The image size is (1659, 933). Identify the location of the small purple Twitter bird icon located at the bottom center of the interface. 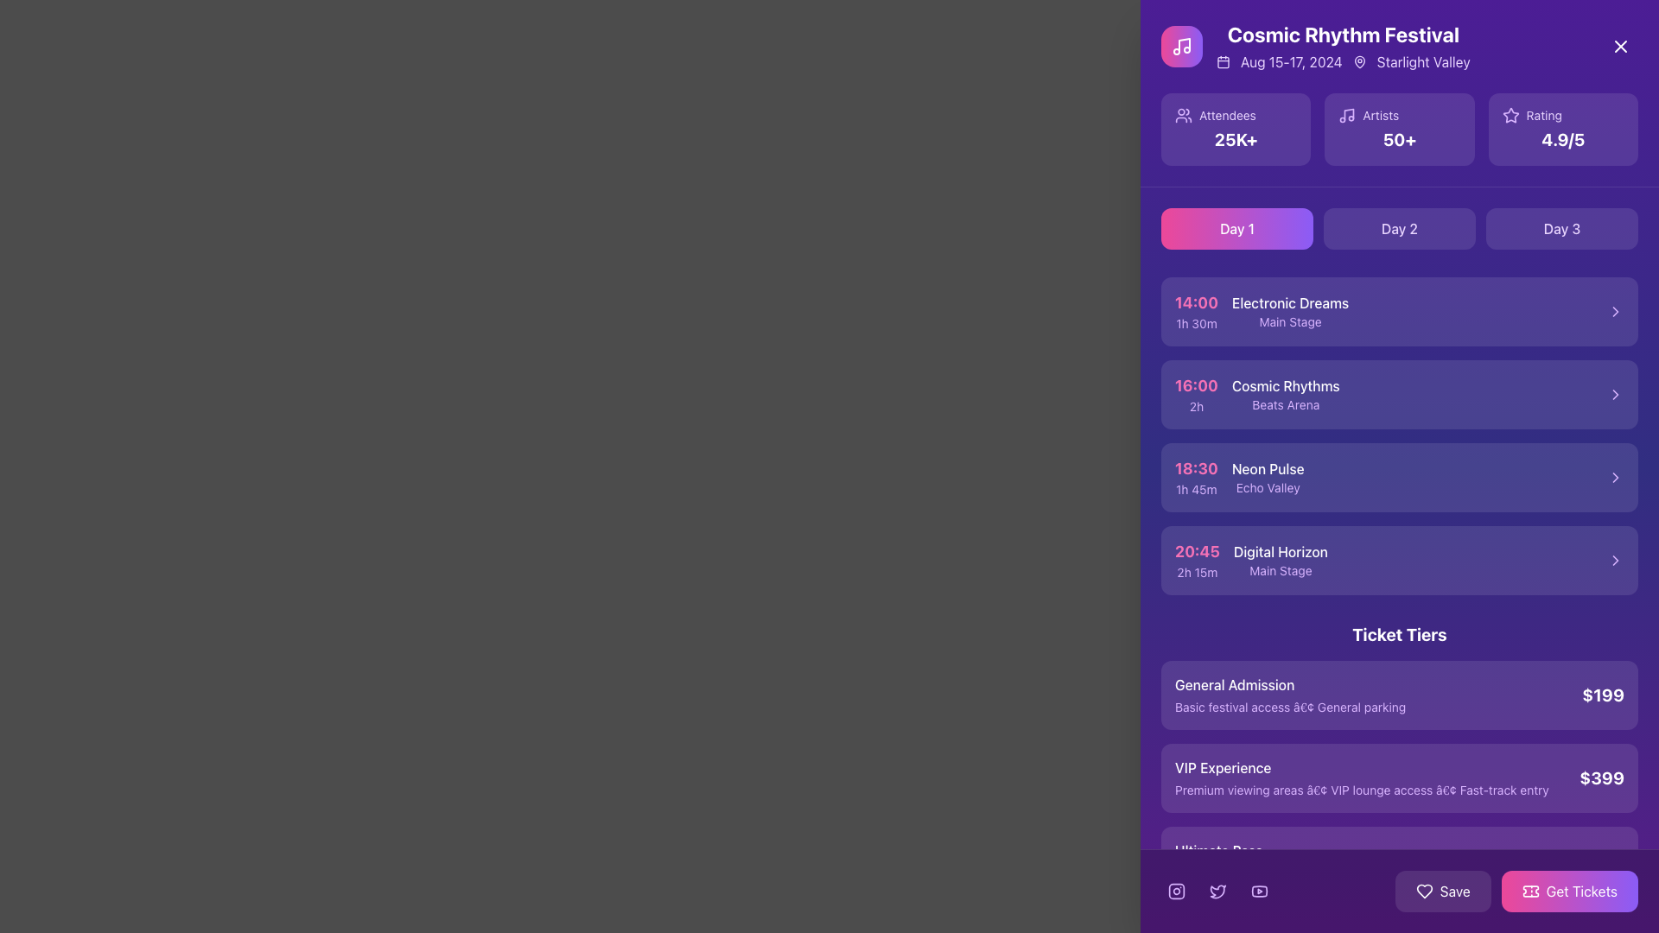
(1217, 892).